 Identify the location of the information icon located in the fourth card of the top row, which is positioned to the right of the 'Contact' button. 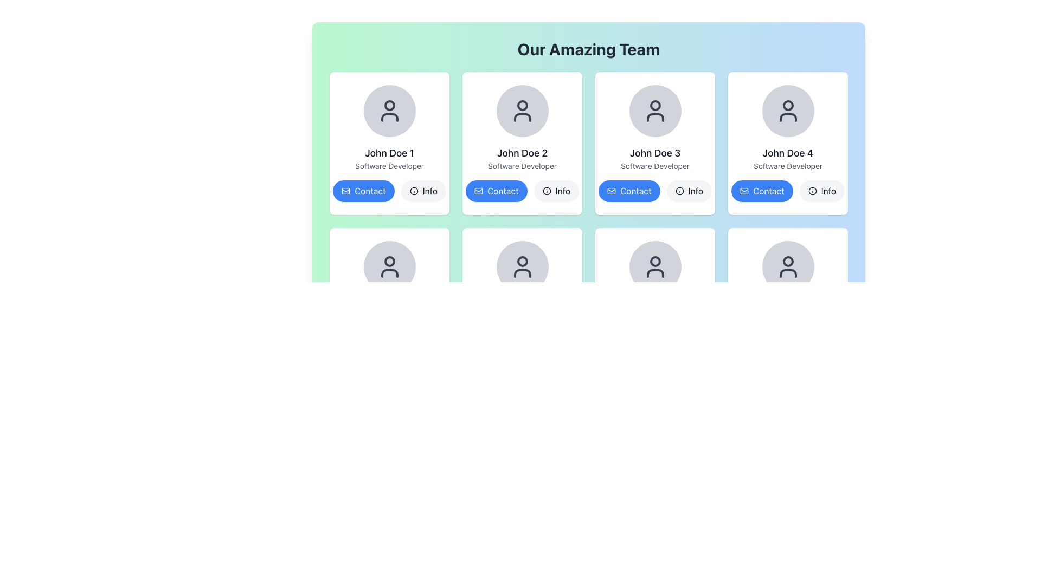
(812, 191).